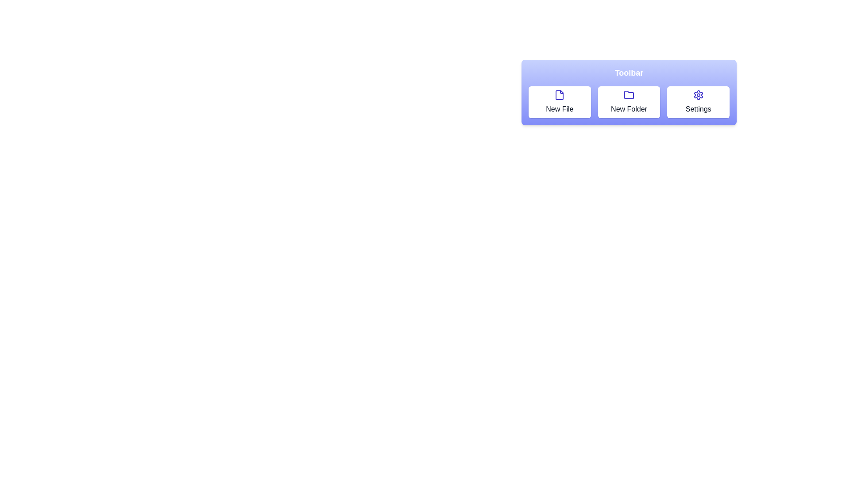  Describe the element at coordinates (628, 95) in the screenshot. I see `the blue folder icon located near the 'New Folder' text to invoke folder-related actions` at that location.